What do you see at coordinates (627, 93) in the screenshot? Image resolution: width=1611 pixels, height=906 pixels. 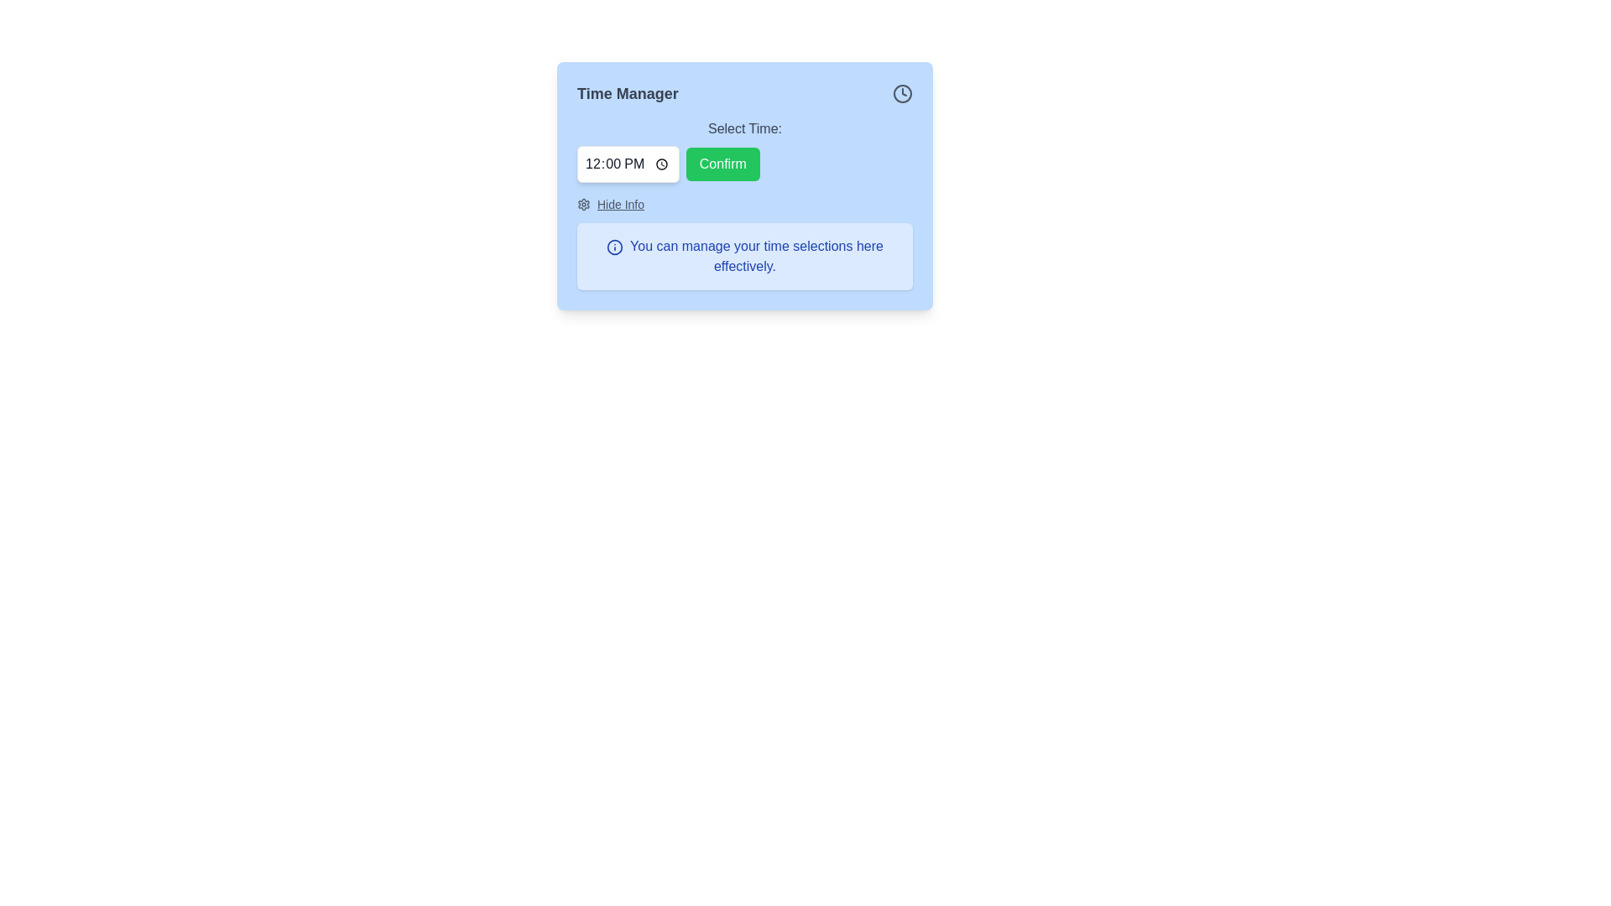 I see `text label or heading that indicates the purpose of the interface for managing time-related tasks, located at the upper left corner of the main title section` at bounding box center [627, 93].